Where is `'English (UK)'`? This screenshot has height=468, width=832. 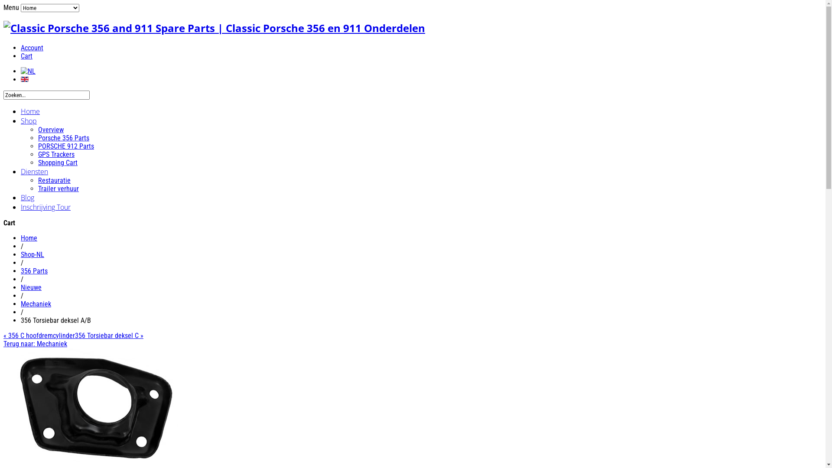
'English (UK)' is located at coordinates (21, 79).